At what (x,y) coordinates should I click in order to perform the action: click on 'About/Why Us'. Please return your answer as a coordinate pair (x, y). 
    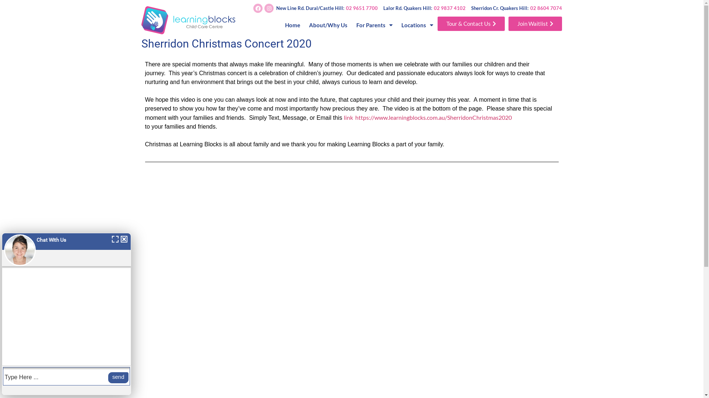
    Looking at the image, I should click on (328, 25).